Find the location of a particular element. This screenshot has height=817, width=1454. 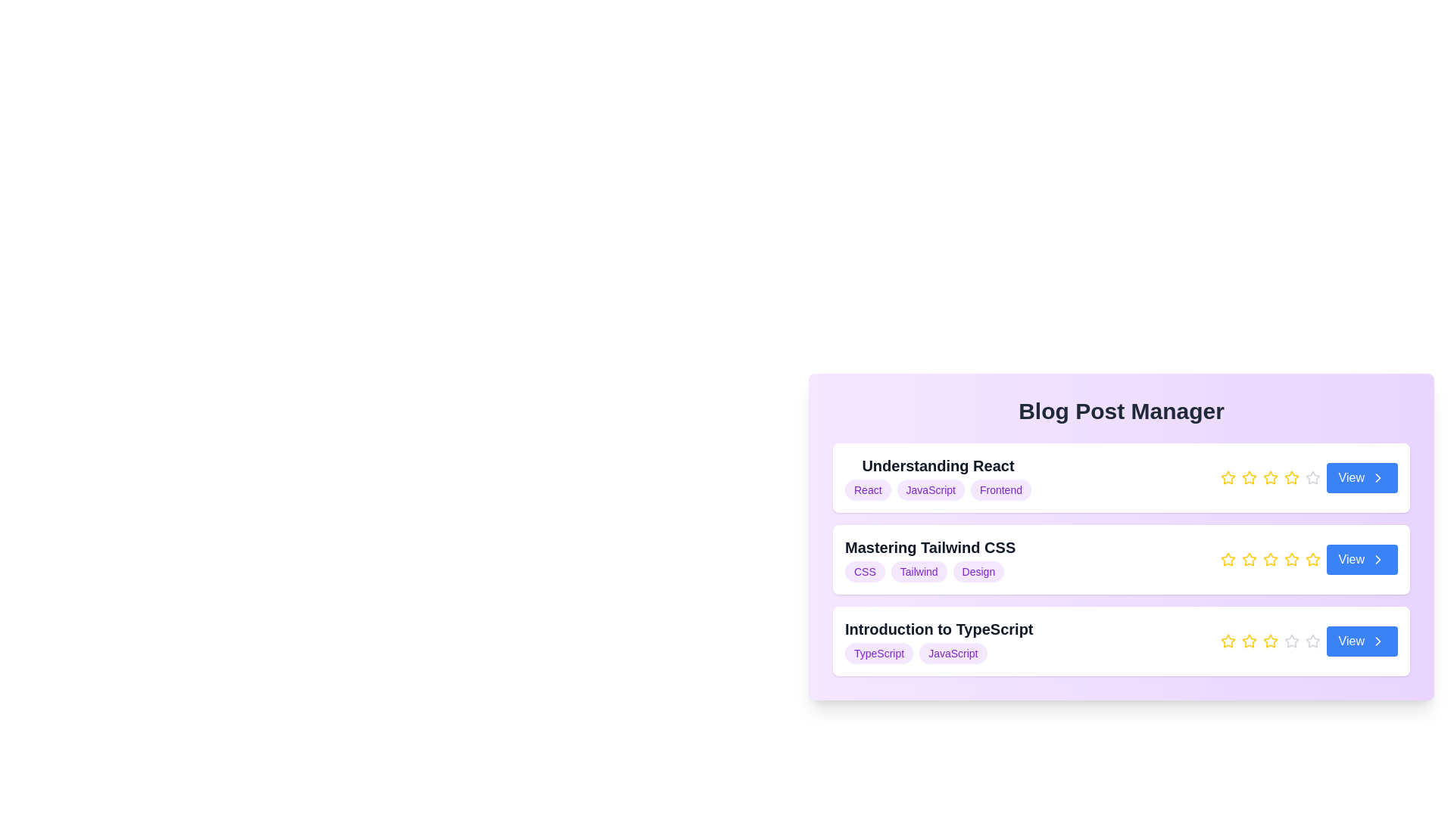

the fourth star icon in the rating system for the 'Introduction to TypeScript' item, which is located in the 'Blog Post Manager' panel is located at coordinates (1270, 641).